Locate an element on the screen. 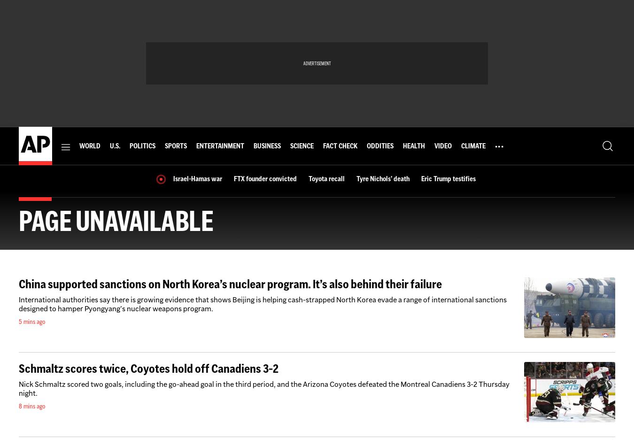  'Politics' is located at coordinates (141, 146).